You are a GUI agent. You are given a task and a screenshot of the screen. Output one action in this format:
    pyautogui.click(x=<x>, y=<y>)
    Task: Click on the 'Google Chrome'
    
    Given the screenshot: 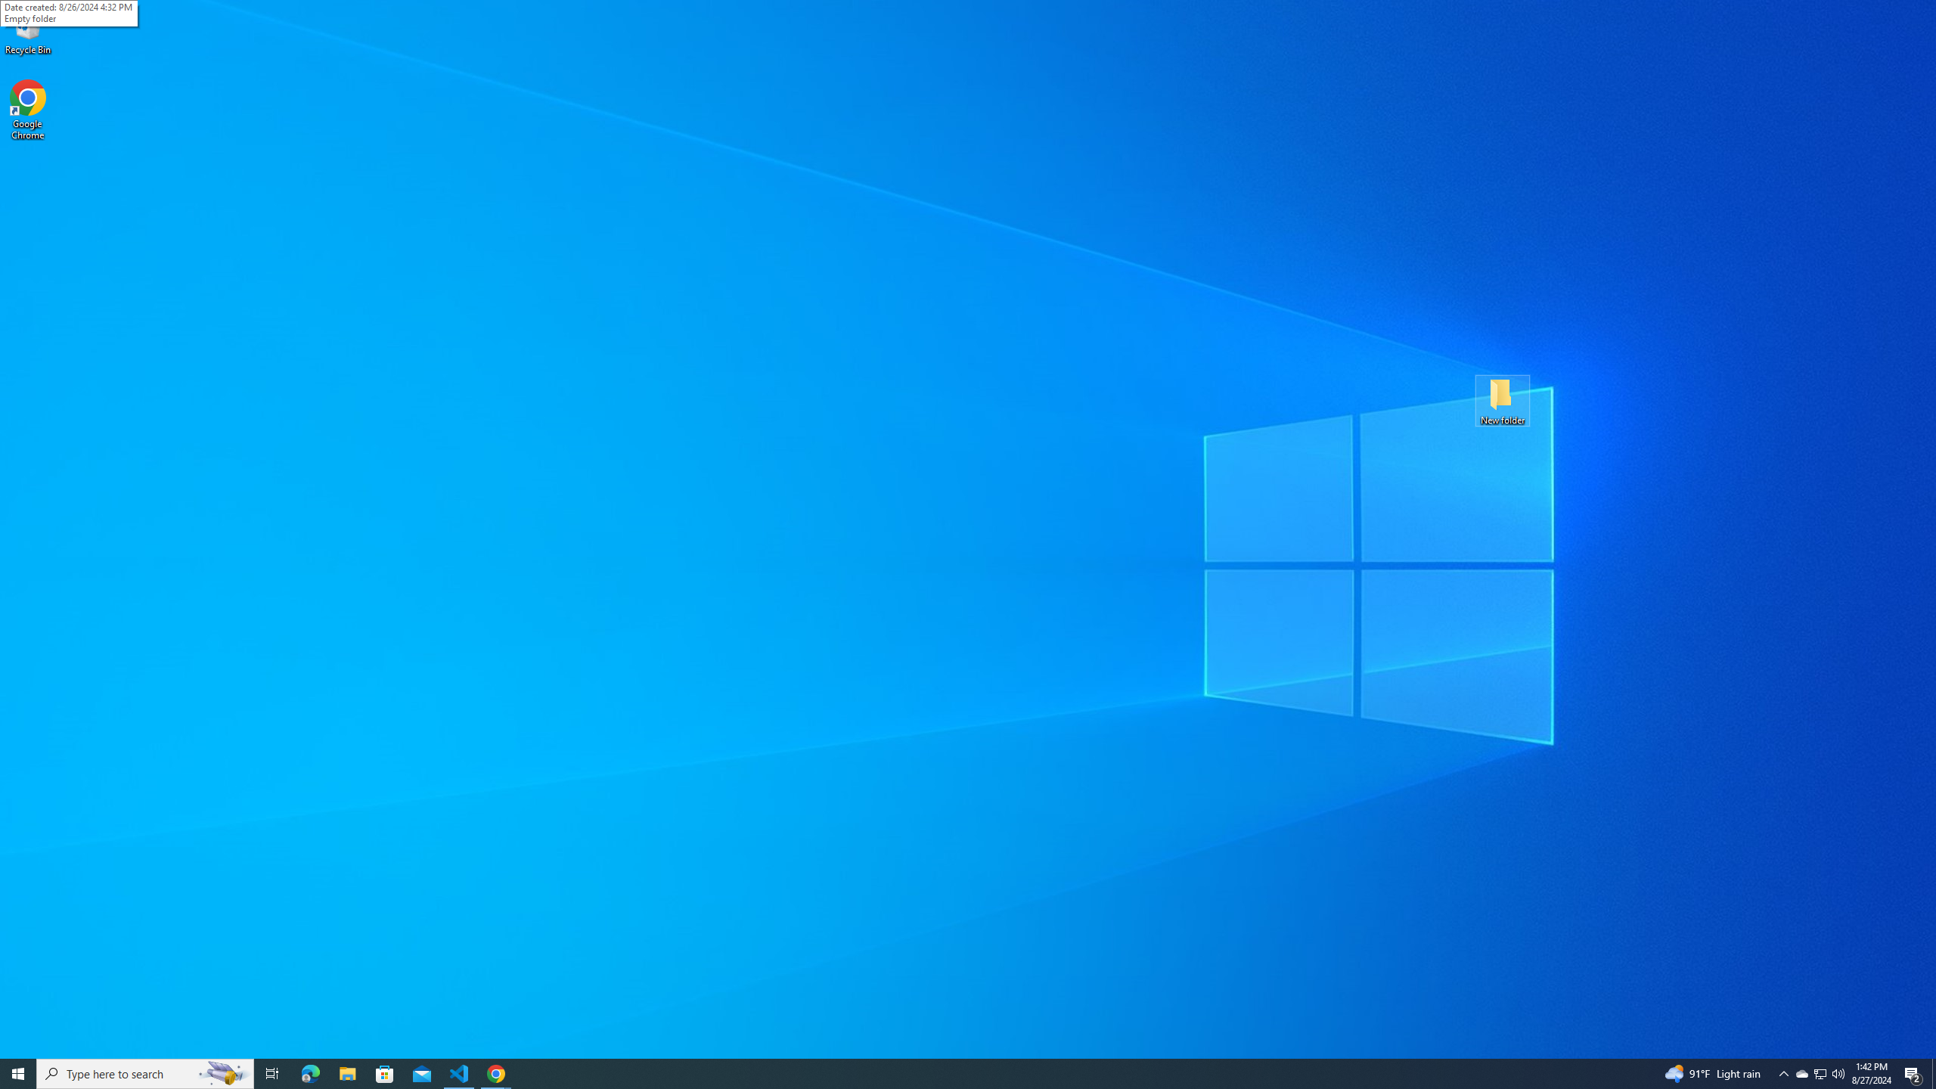 What is the action you would take?
    pyautogui.click(x=27, y=110)
    